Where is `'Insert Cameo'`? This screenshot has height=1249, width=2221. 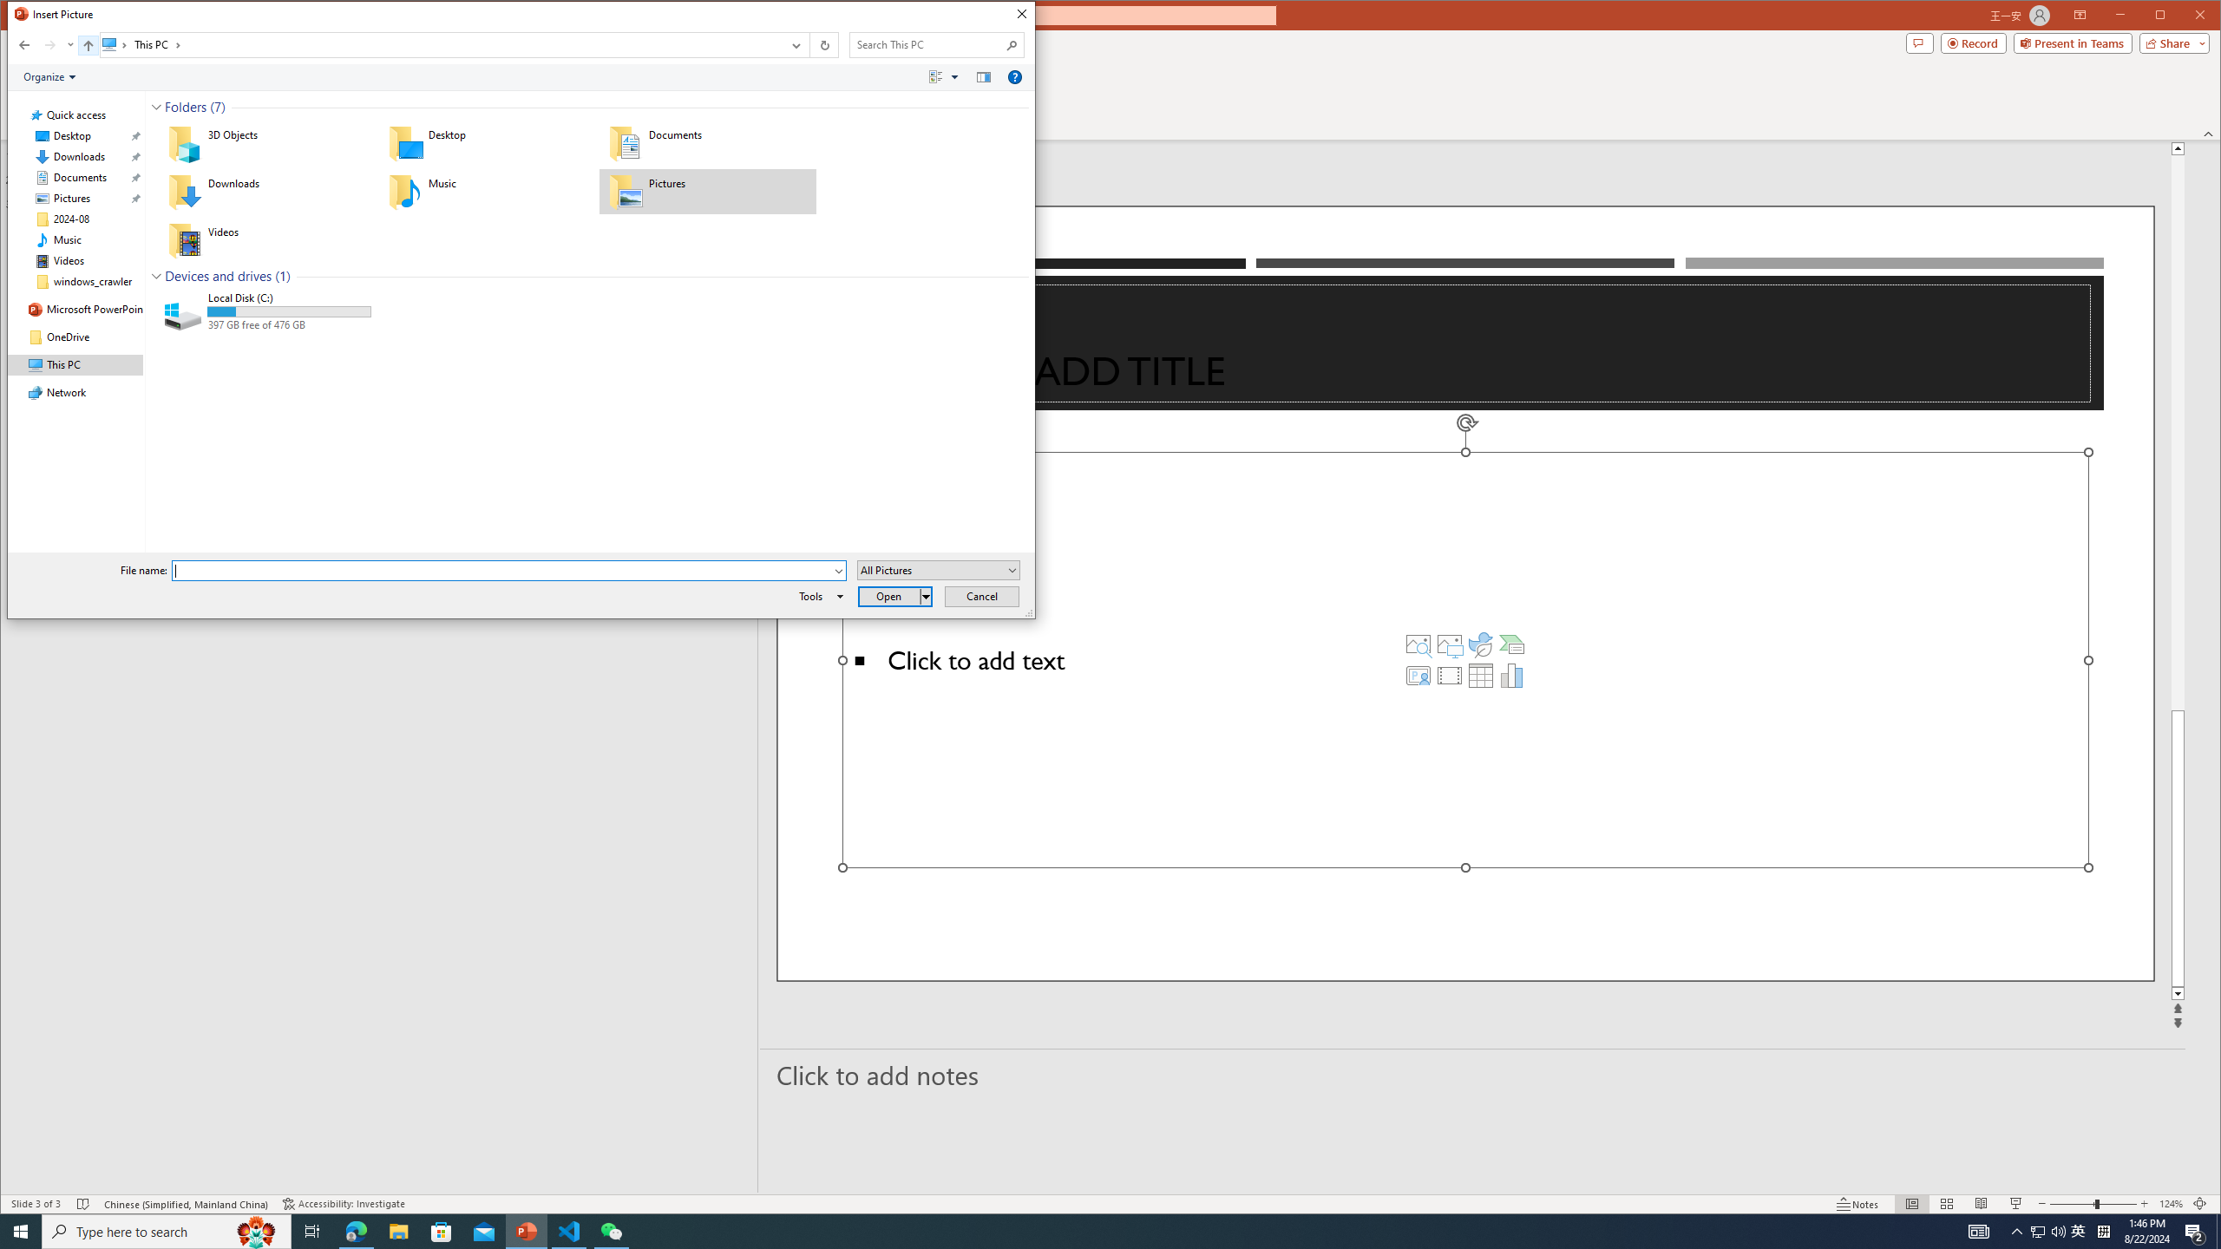
'Insert Cameo' is located at coordinates (1418, 675).